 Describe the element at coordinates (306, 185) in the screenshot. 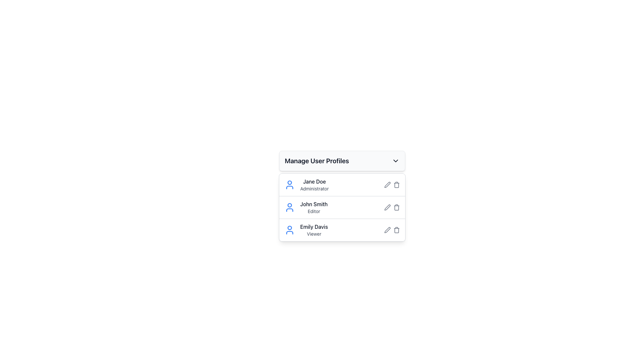

I see `the user profile list item representing 'Jane Doe', who is designated as 'Administrator', located at the top of the user profiles list` at that location.